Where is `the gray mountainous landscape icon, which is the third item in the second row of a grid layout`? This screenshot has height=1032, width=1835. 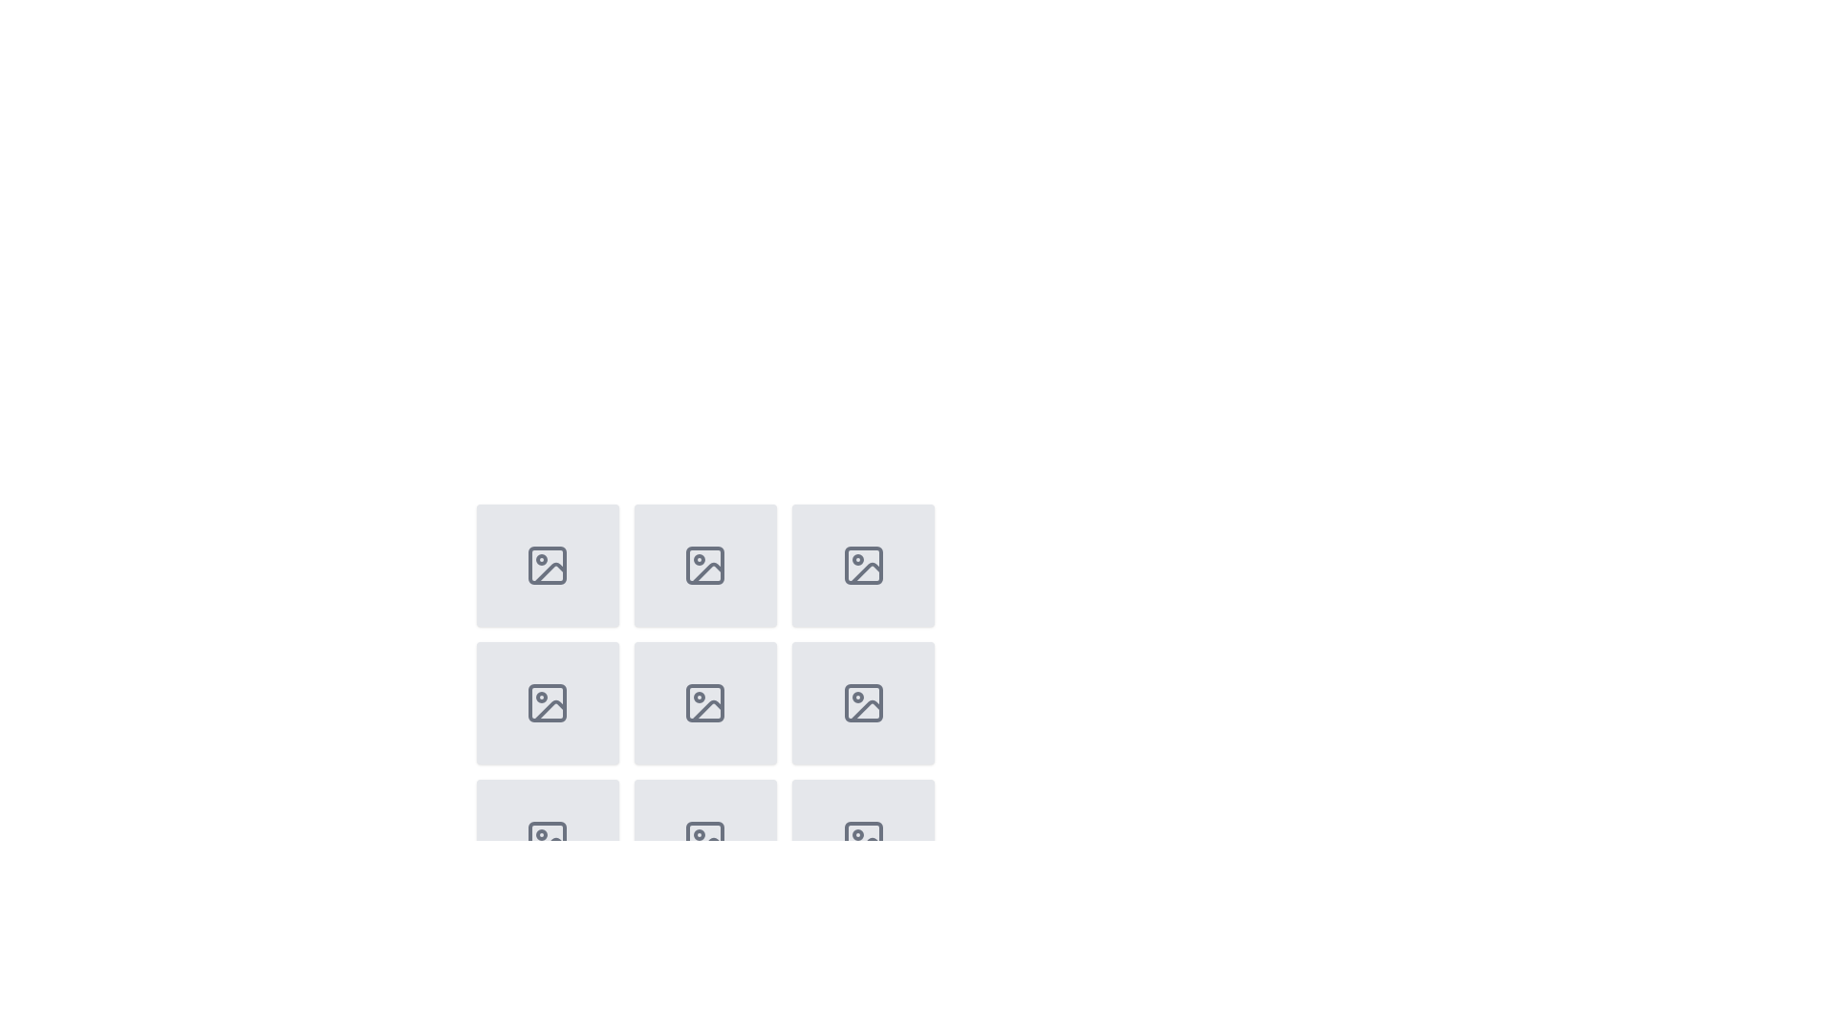 the gray mountainous landscape icon, which is the third item in the second row of a grid layout is located at coordinates (547, 703).